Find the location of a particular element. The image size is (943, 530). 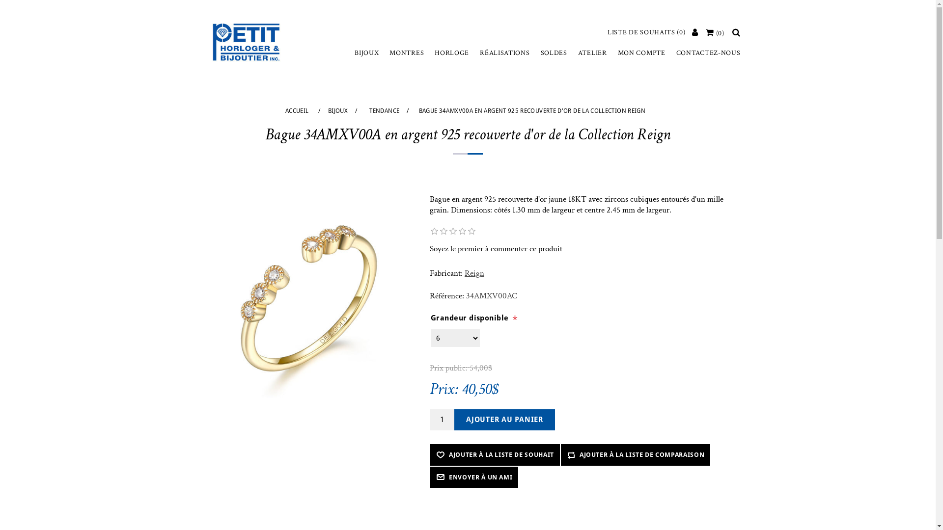

'MONTRES' is located at coordinates (407, 53).